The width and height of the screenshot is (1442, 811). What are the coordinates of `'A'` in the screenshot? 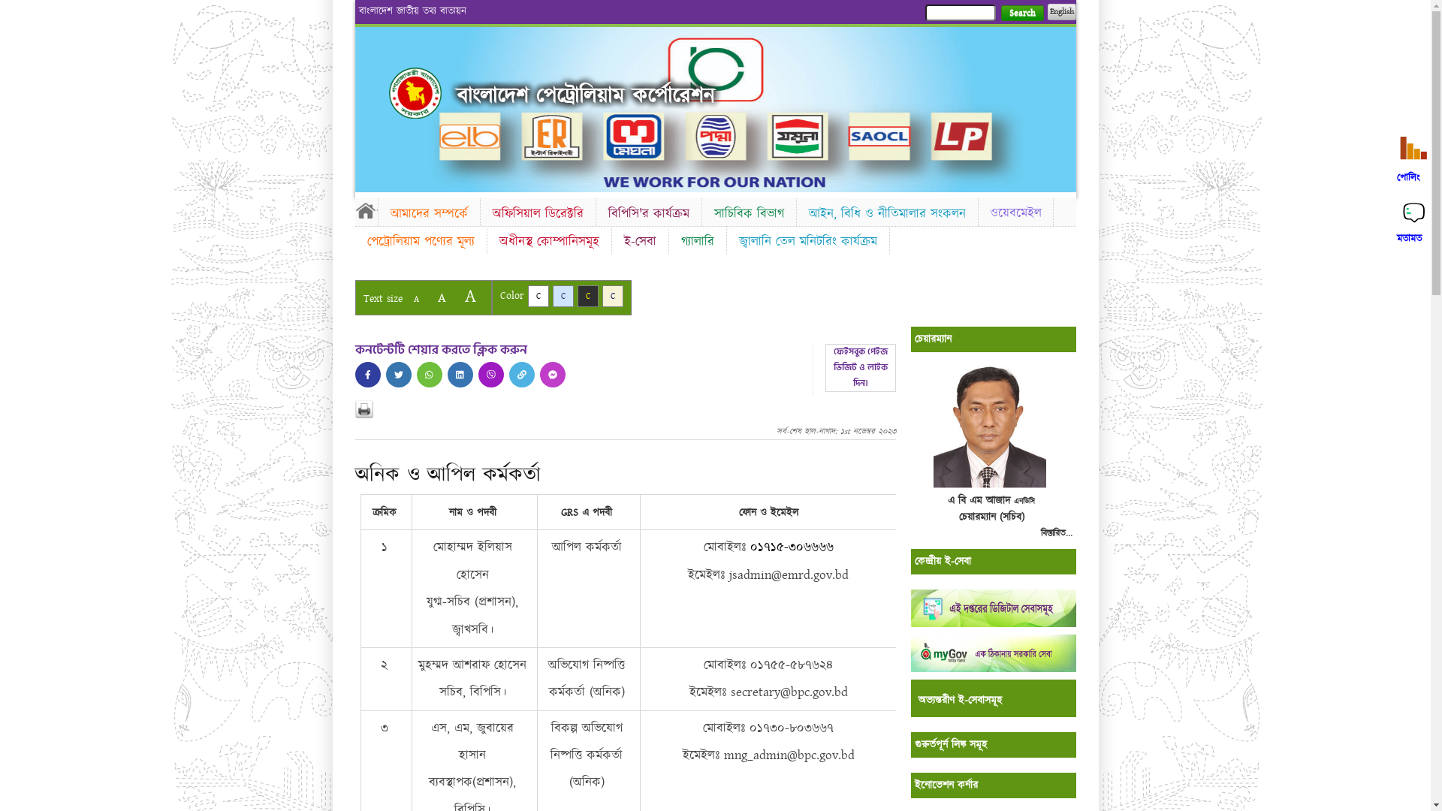 It's located at (405, 299).